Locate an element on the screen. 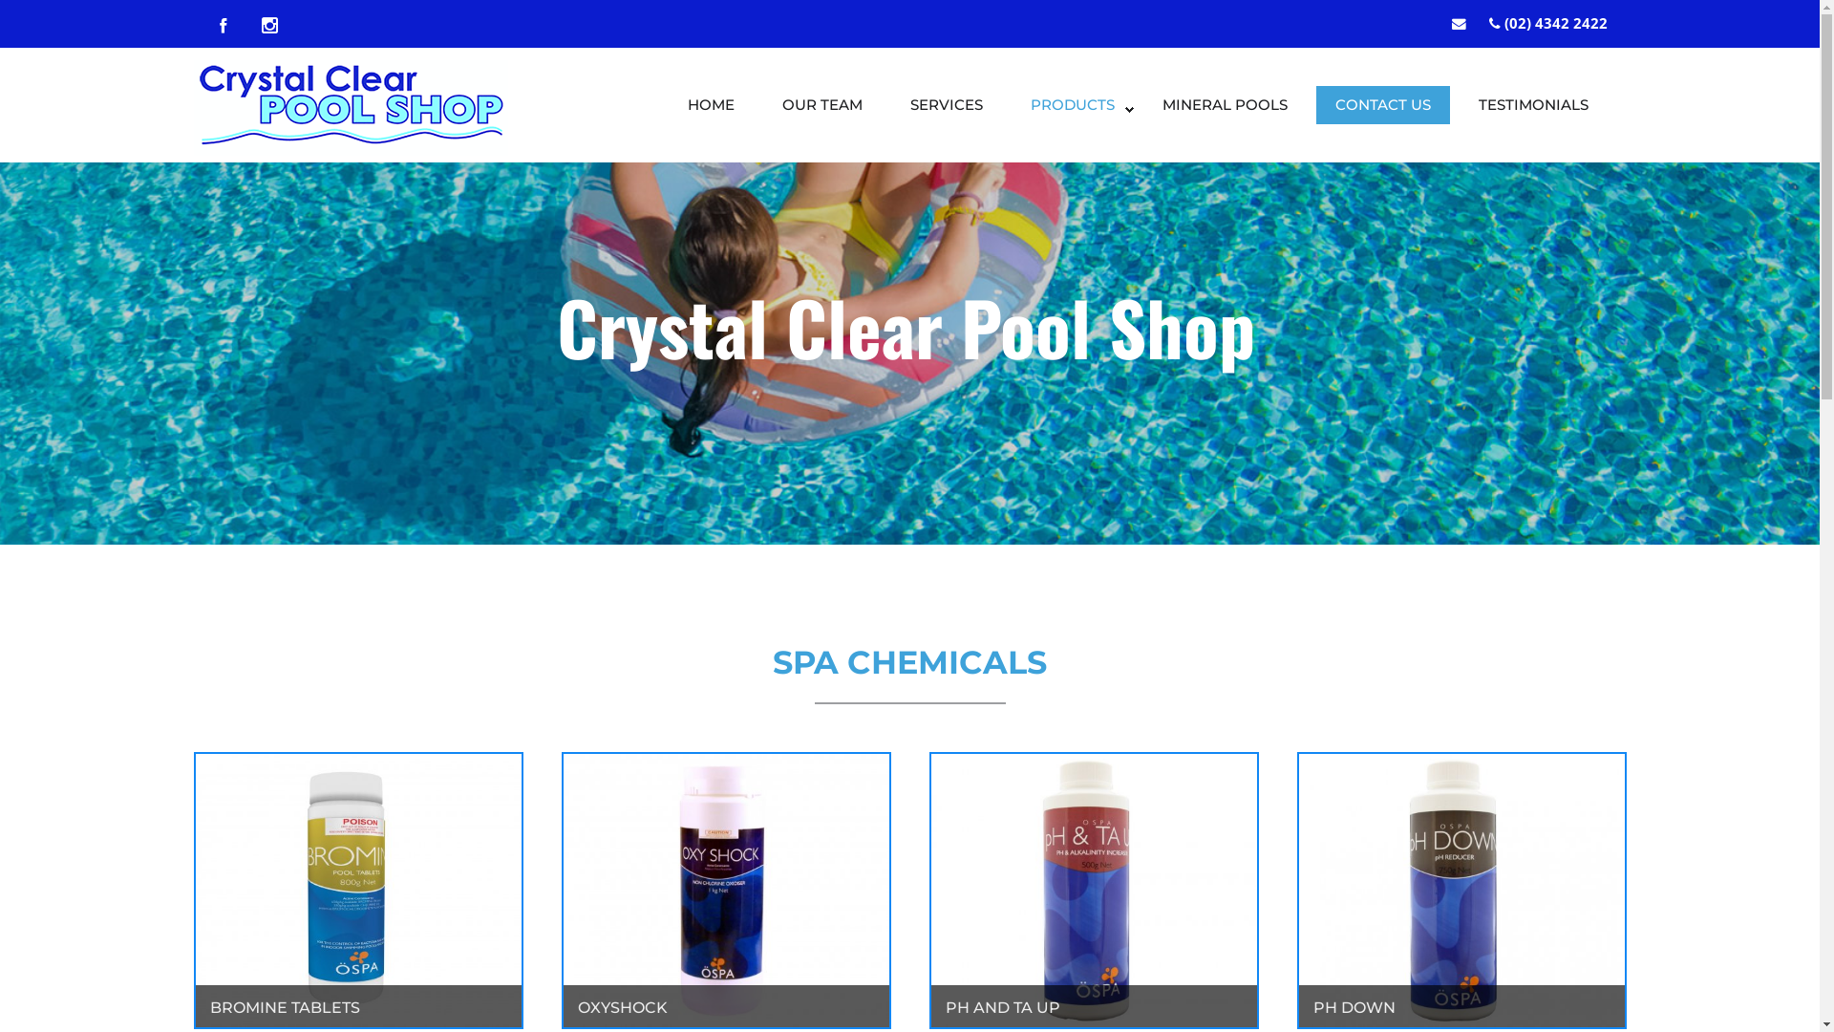  'OUR TEAM' is located at coordinates (821, 110).